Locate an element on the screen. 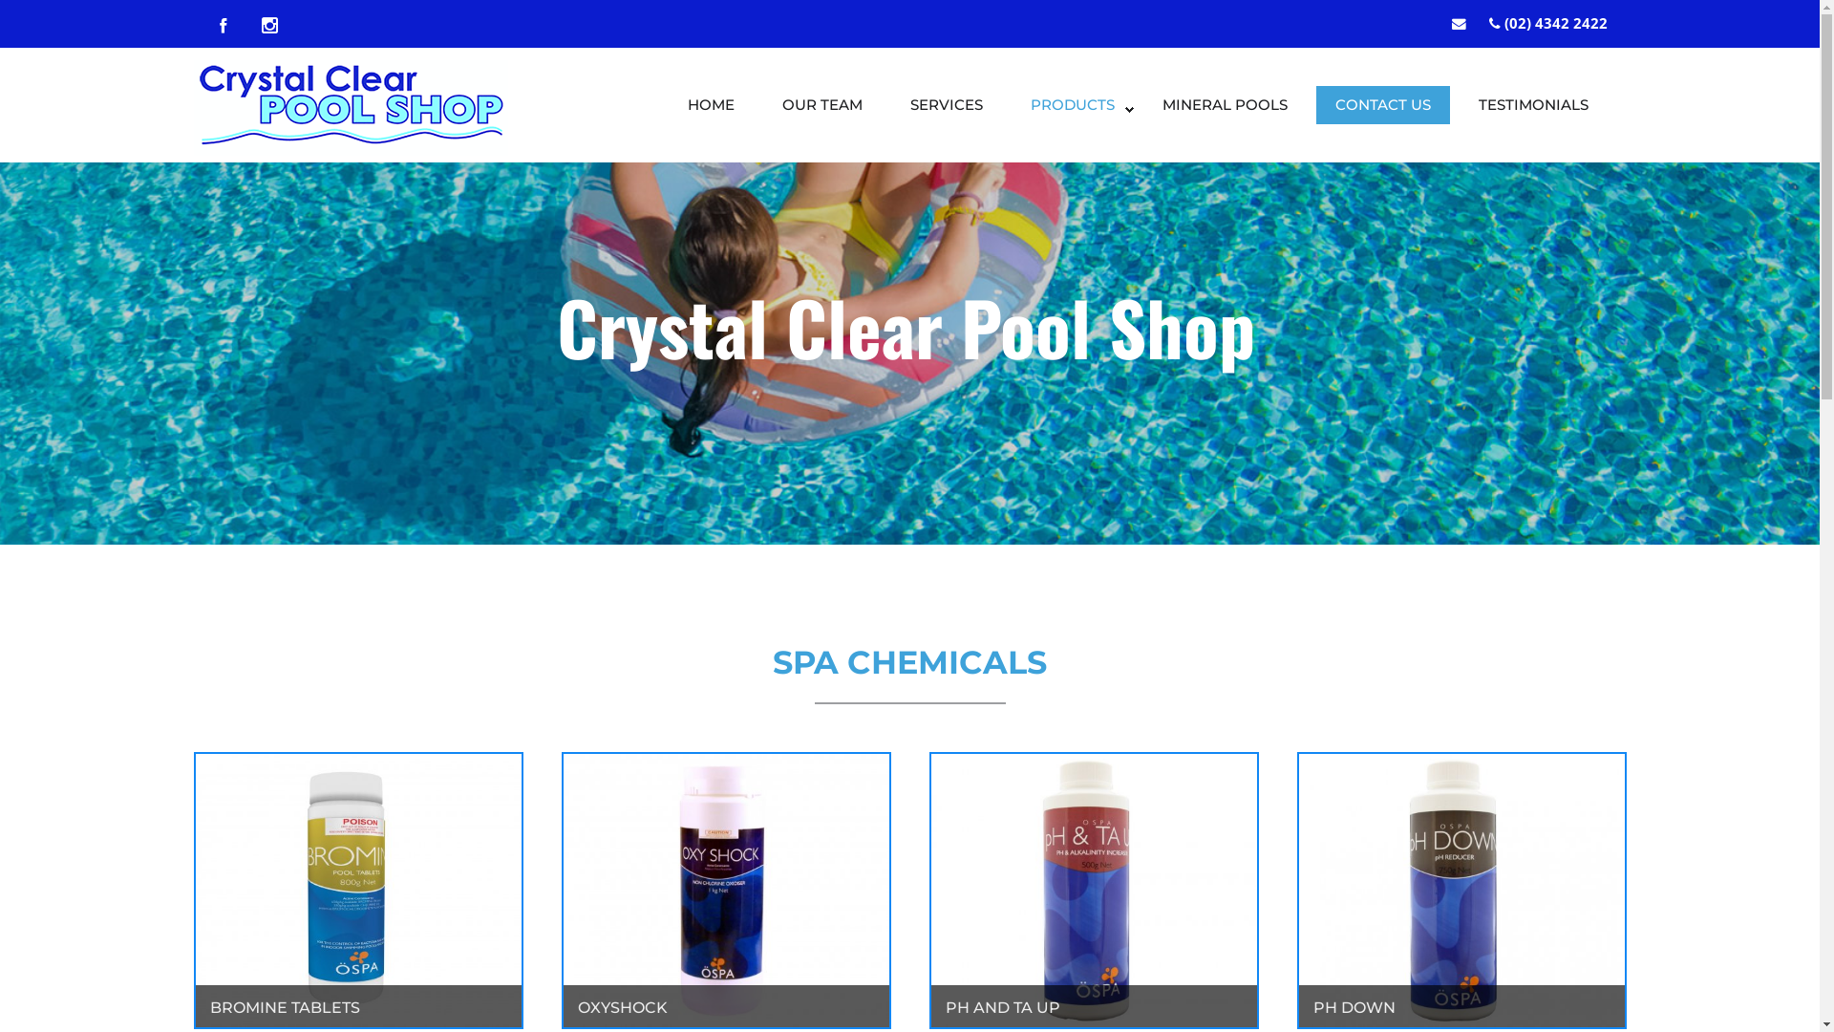  'OUR TEAM' is located at coordinates (821, 110).